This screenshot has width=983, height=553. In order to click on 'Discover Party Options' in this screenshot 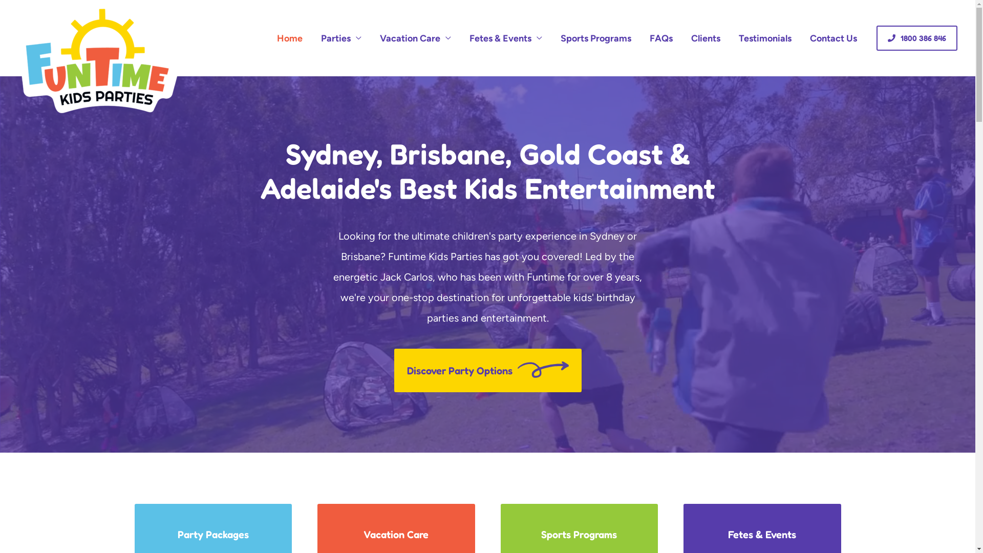, I will do `click(487, 370)`.